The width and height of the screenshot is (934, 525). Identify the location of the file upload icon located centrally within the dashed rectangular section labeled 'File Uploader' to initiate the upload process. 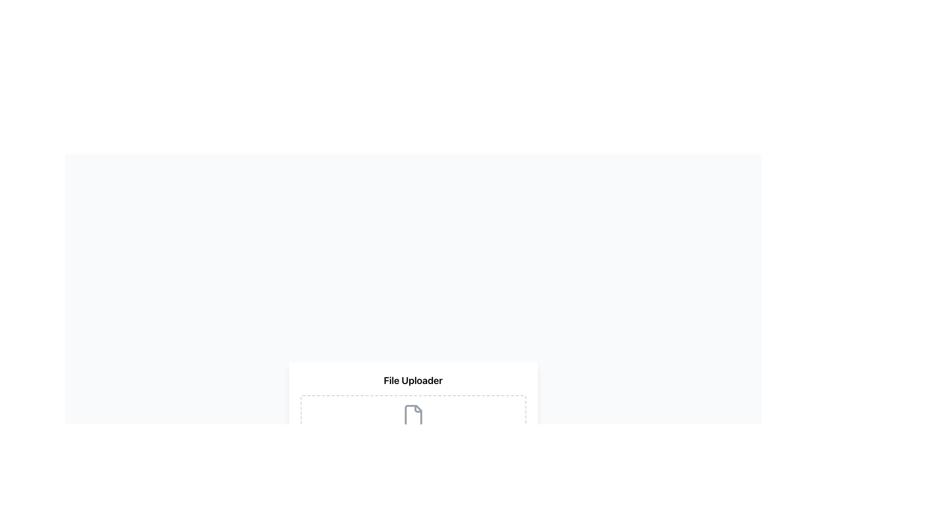
(413, 416).